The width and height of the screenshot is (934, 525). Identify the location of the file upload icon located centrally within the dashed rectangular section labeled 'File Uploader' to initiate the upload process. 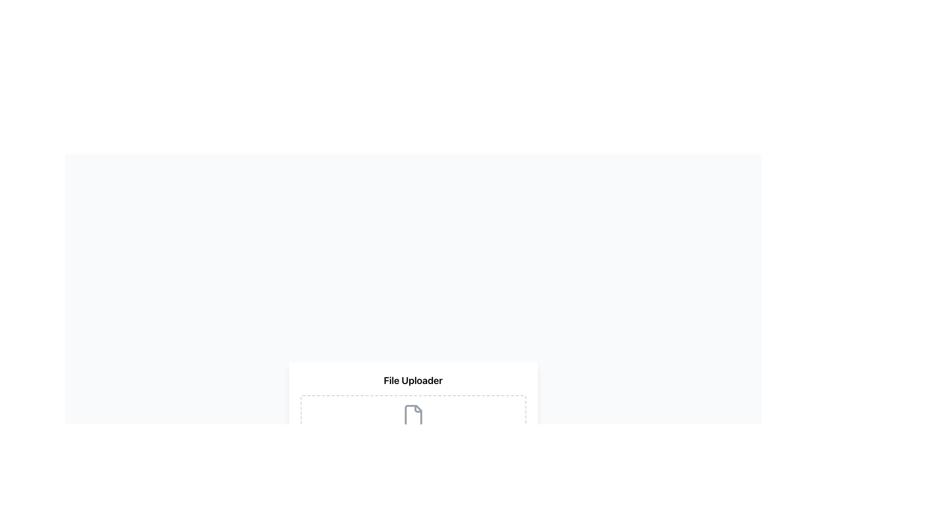
(413, 416).